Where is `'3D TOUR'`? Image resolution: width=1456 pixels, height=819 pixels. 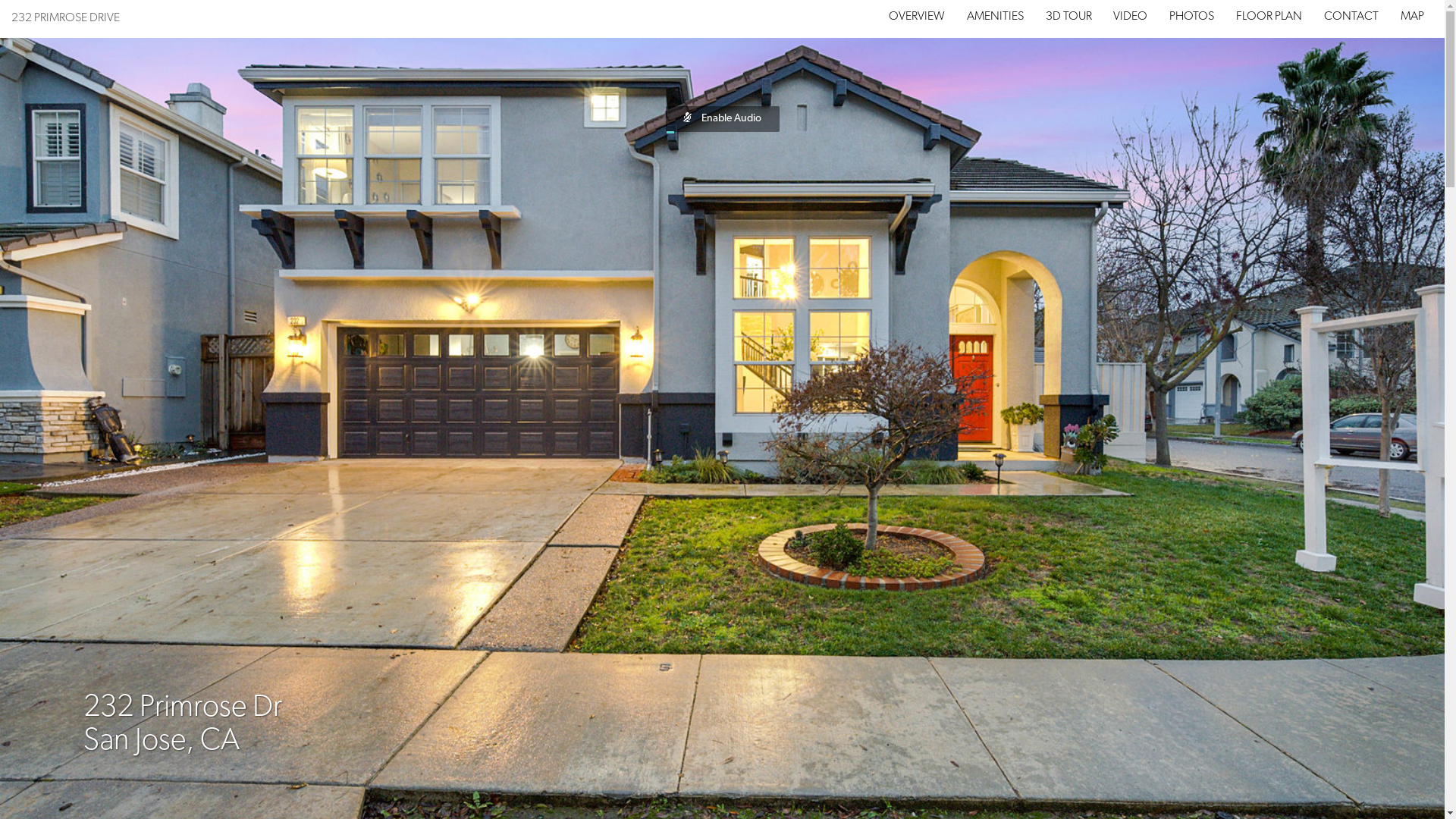
'3D TOUR' is located at coordinates (1068, 17).